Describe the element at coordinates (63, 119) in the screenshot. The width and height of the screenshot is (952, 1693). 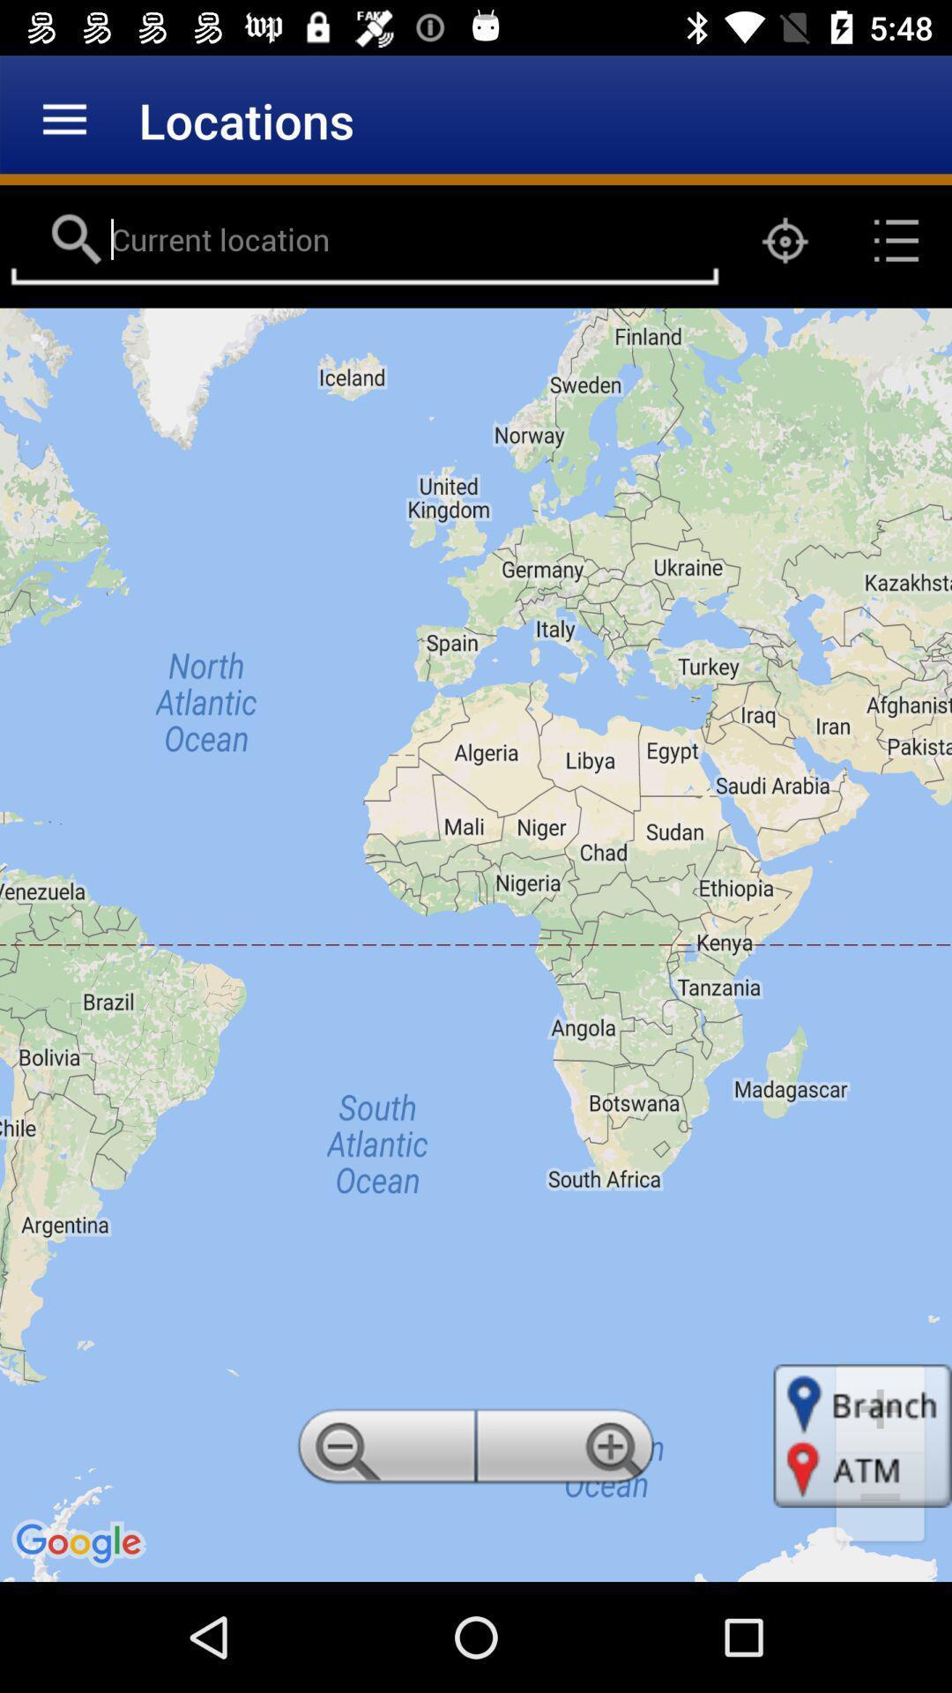
I see `item next to the locations item` at that location.